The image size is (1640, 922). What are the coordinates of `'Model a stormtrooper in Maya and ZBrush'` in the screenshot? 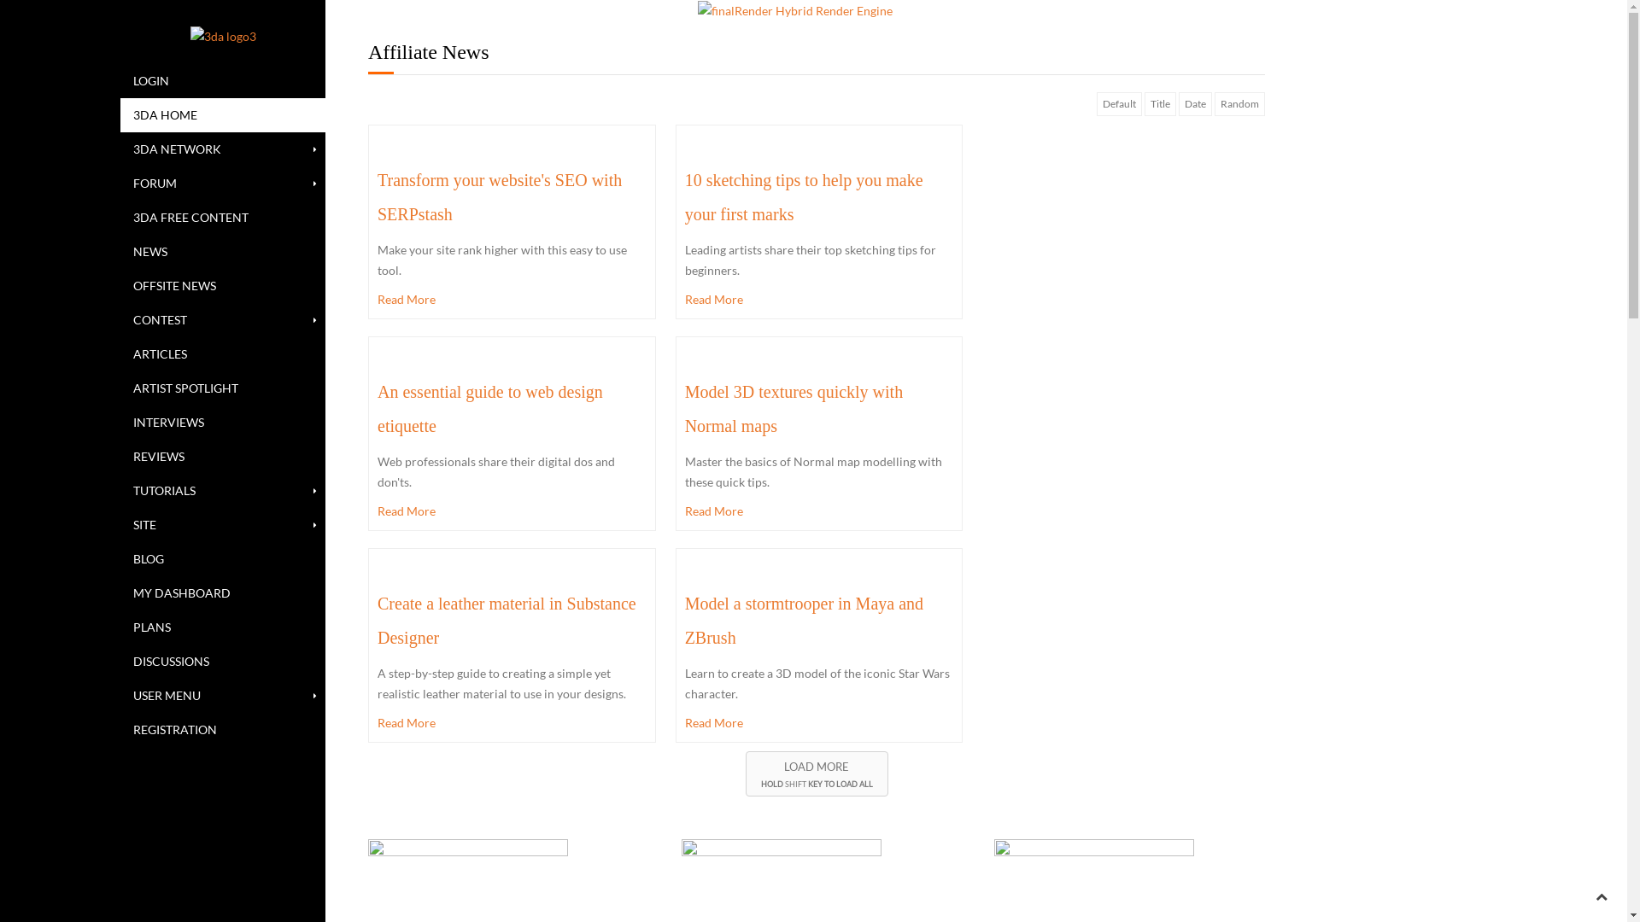 It's located at (684, 620).